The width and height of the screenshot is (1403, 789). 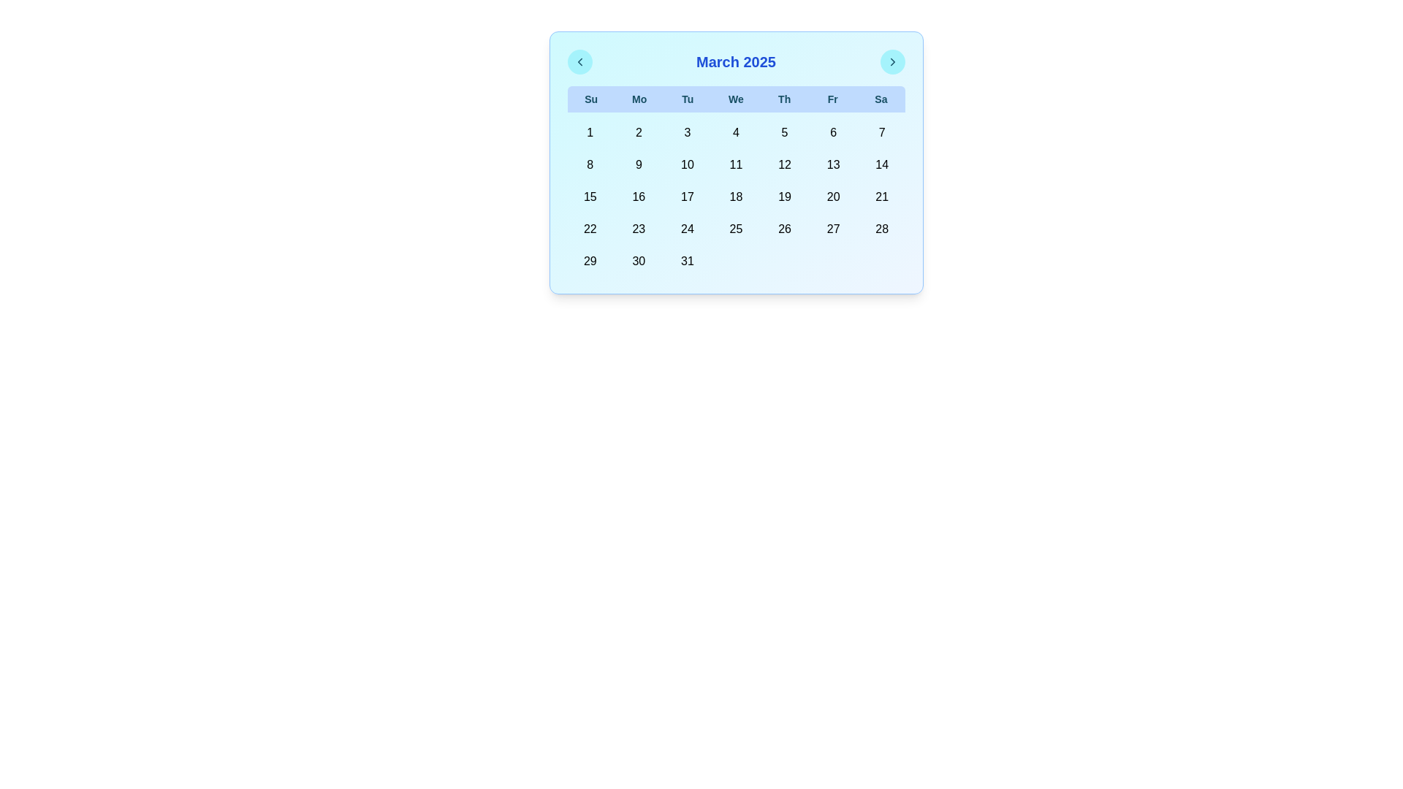 I want to click on the button displaying the number '11' in bold black text within a rounded rectangle, located in the second row and fourth column of the calendar grid, so click(x=736, y=164).